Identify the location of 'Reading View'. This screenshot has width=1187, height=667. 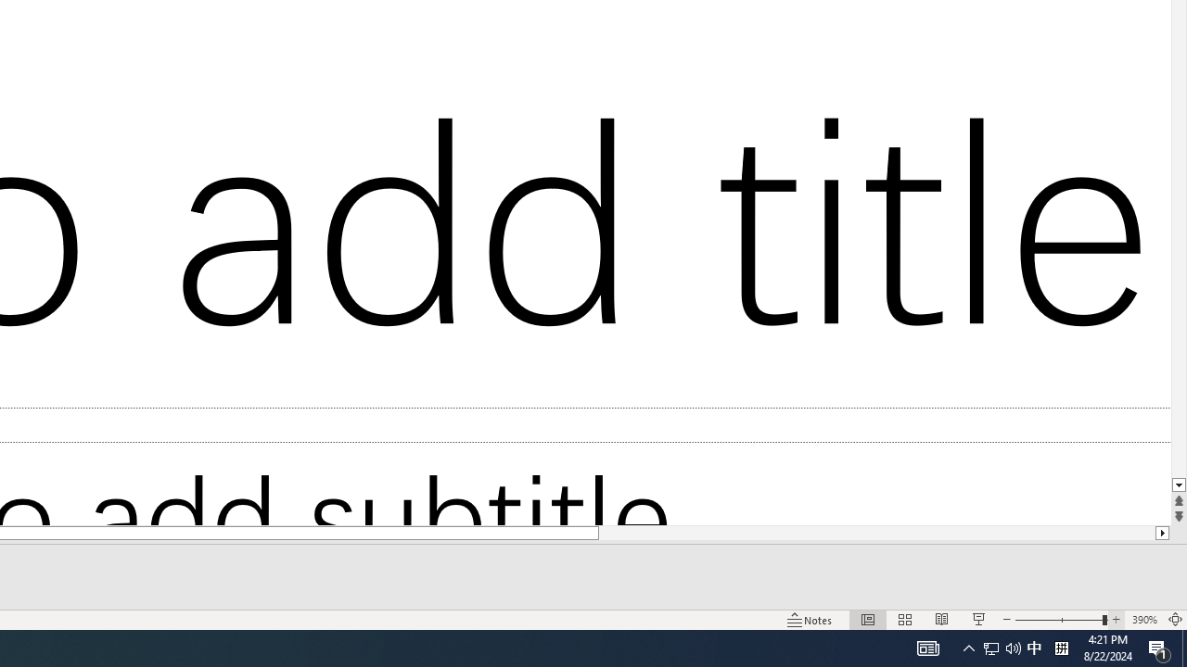
(941, 620).